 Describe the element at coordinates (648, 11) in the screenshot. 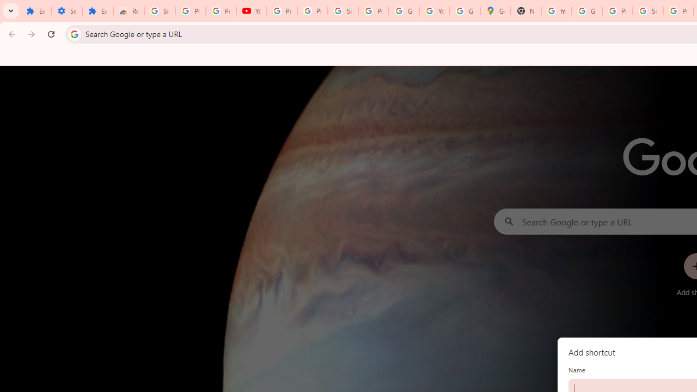

I see `'Sign in - Google Accounts'` at that location.